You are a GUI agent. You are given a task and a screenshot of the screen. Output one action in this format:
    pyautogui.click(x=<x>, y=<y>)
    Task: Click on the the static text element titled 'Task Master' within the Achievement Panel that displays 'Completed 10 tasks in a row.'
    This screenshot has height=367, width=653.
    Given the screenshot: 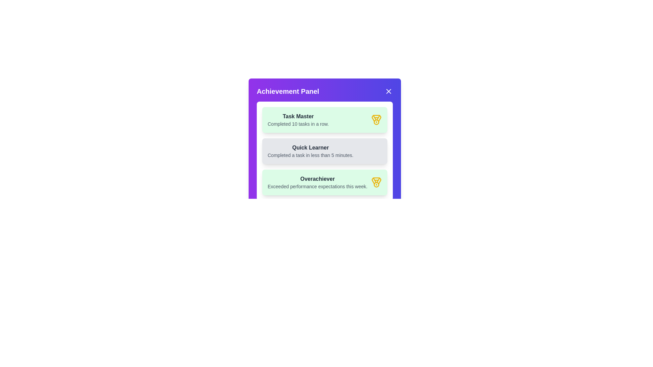 What is the action you would take?
    pyautogui.click(x=298, y=120)
    